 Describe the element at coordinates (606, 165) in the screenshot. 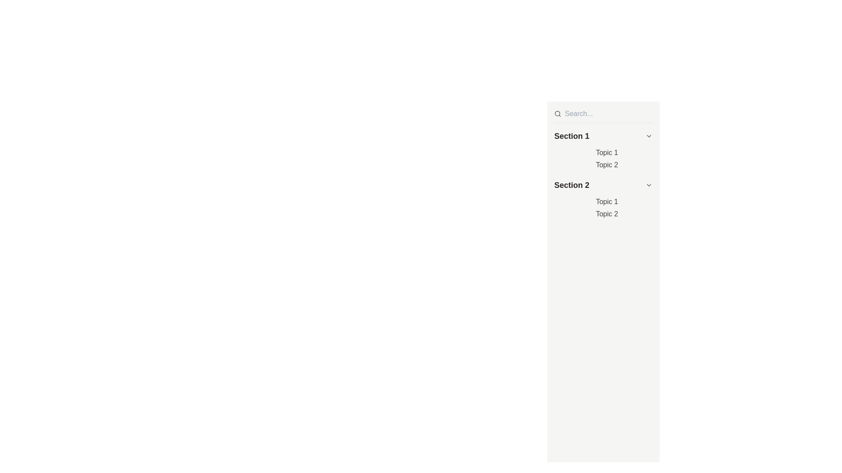

I see `text label displaying 'Topic 2' located under 'Section 1', which appears in grayish-black color with standard serif font` at that location.